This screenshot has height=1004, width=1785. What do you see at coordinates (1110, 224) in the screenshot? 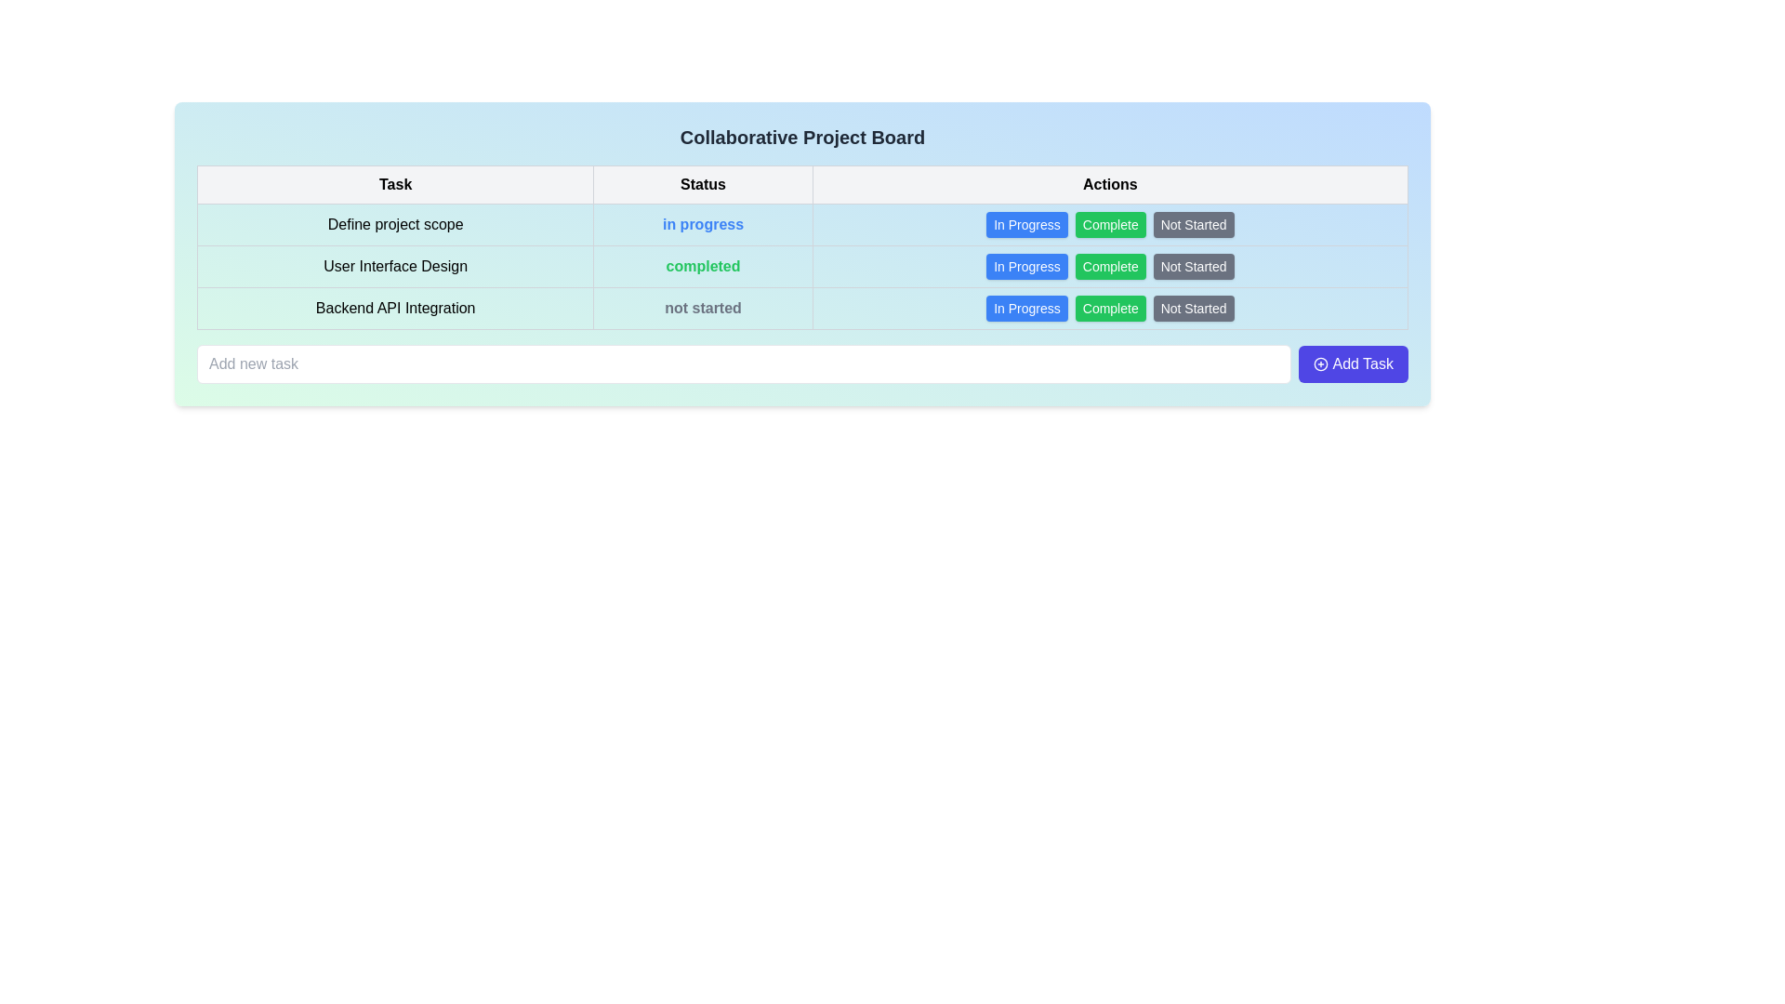
I see `the status update button` at bounding box center [1110, 224].